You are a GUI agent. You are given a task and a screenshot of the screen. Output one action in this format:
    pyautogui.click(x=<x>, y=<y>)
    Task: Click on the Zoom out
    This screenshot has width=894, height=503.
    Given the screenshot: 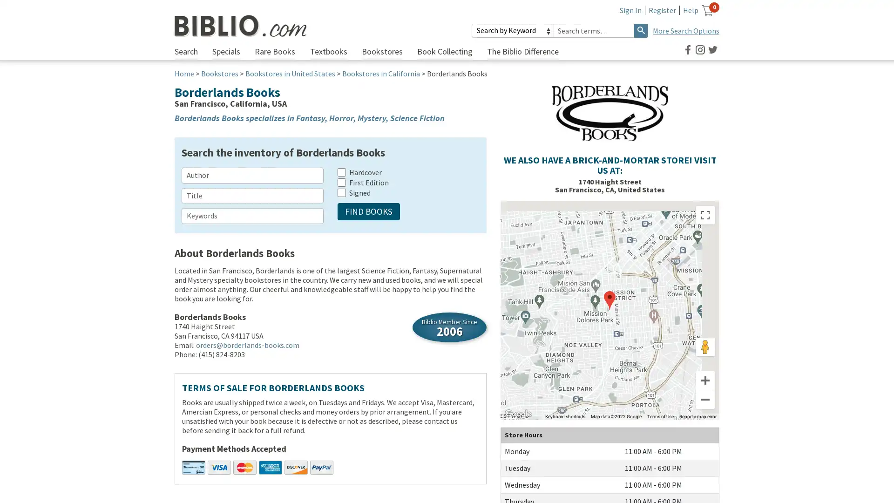 What is the action you would take?
    pyautogui.click(x=705, y=399)
    